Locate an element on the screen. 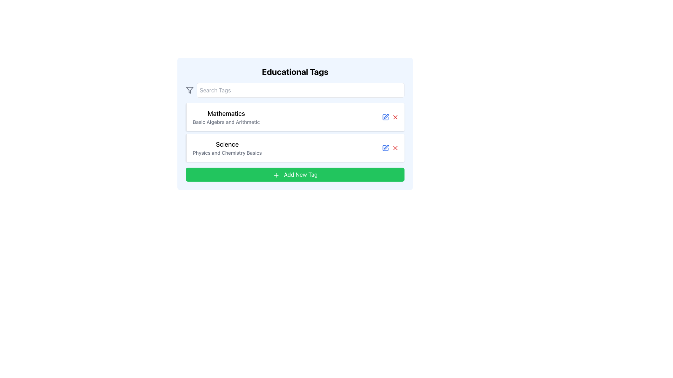 The height and width of the screenshot is (378, 673). the header text that describes the content beneath it, located at the top of the card-like element is located at coordinates (295, 71).